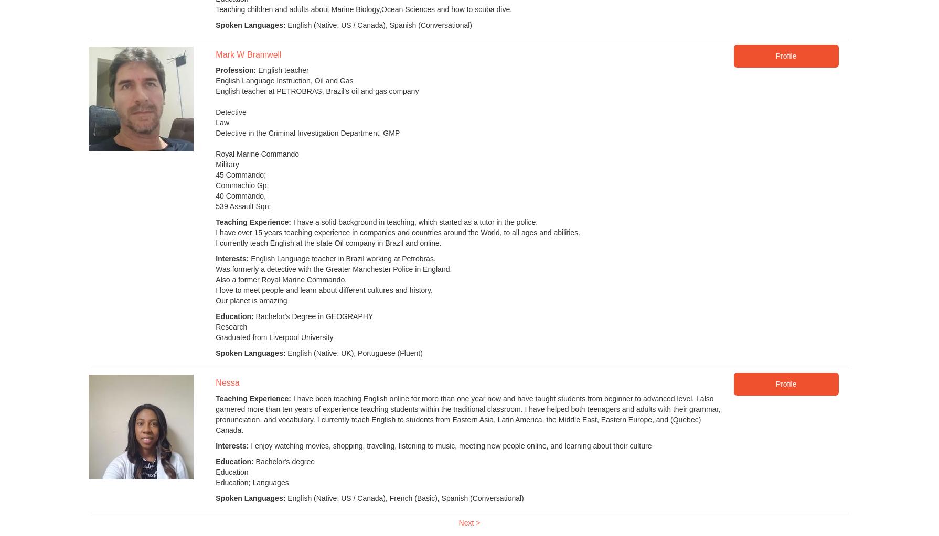 This screenshot has height=536, width=939. Describe the element at coordinates (222, 122) in the screenshot. I see `'Law'` at that location.